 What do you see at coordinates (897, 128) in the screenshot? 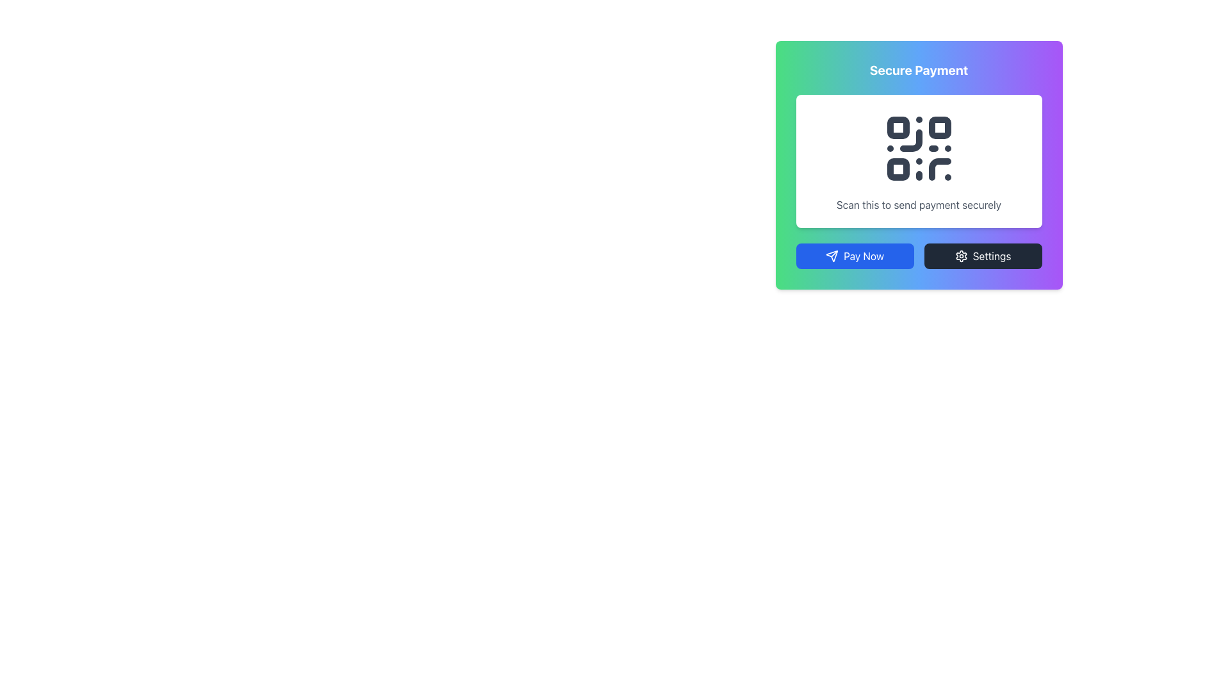
I see `the first square of the QR code, which is a small, square-shaped element with rounded corners, located towards the top-left corner of the QR code pattern` at bounding box center [897, 128].